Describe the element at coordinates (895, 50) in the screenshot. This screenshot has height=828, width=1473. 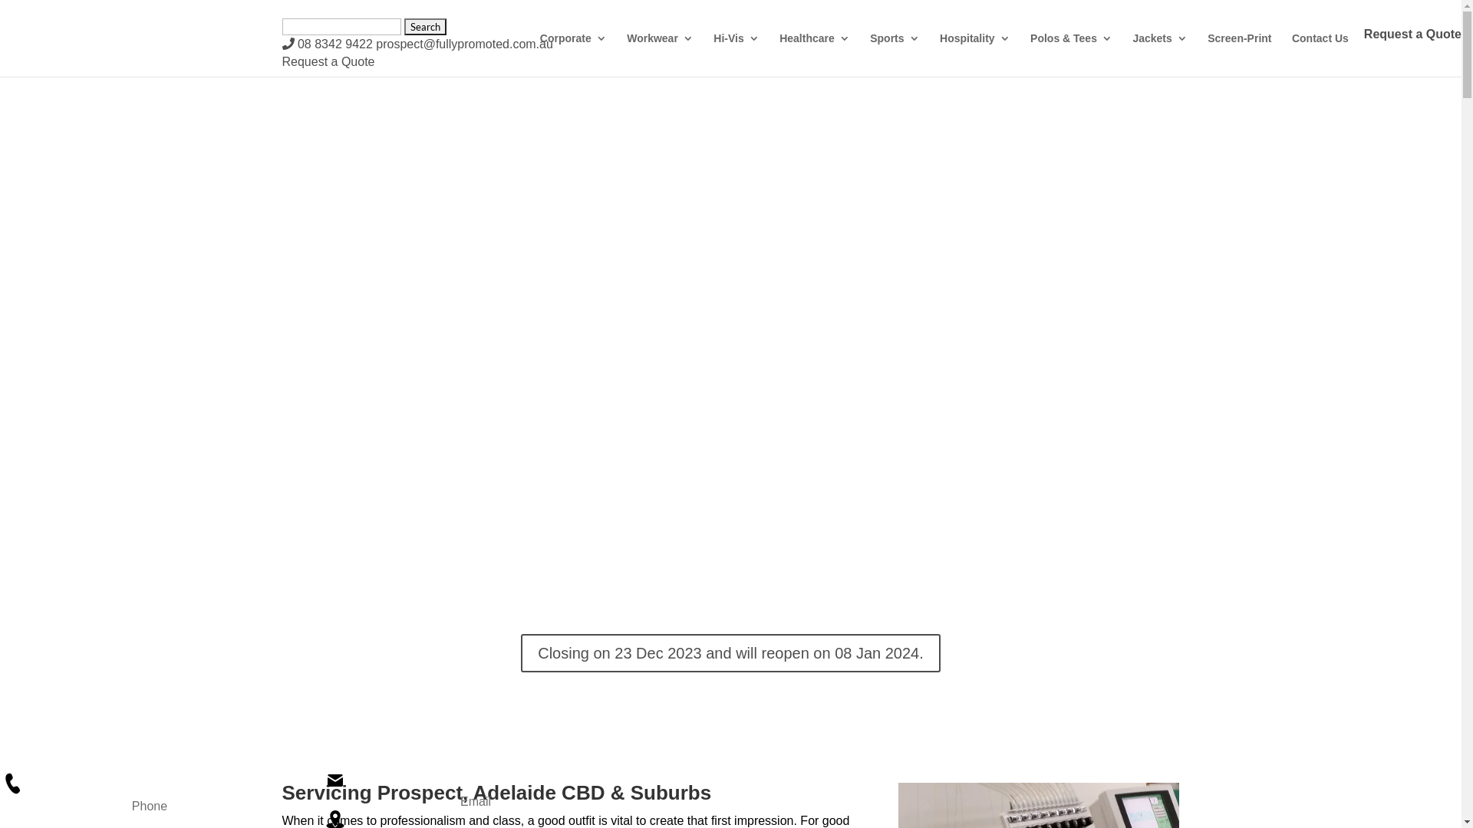
I see `'Sports'` at that location.